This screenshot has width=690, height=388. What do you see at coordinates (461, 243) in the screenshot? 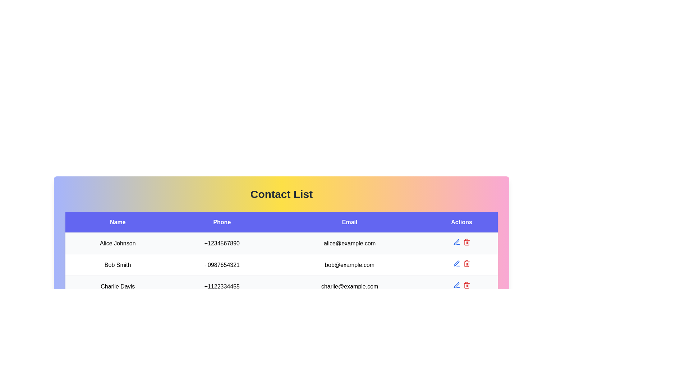
I see `the blue pen icon in the 'Actions' column of the first row for the contact 'Alice Johnson'` at bounding box center [461, 243].